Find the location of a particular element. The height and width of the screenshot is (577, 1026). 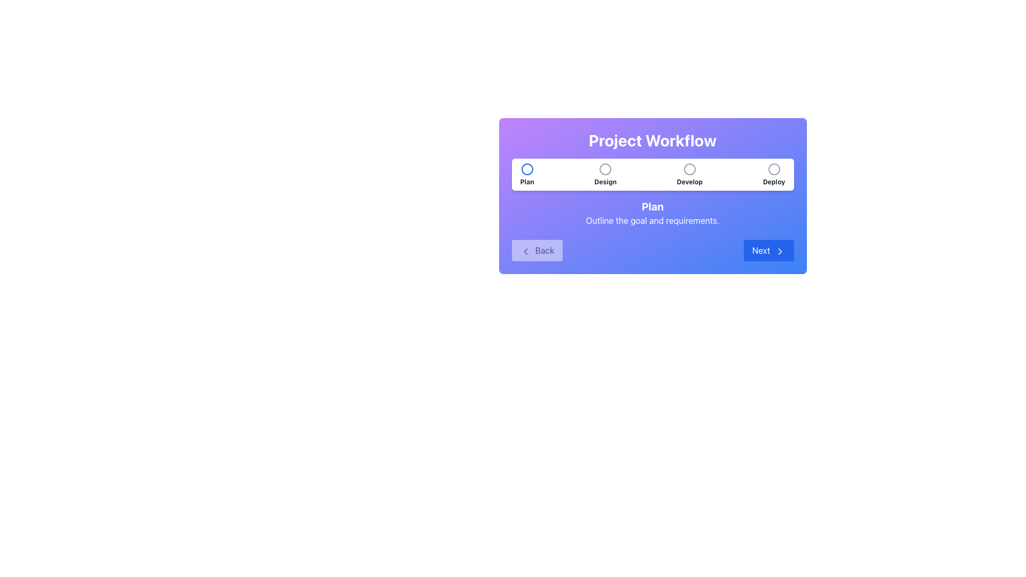

the visual indicator icon for the 'Plan' step in the project workflow to interact with it, provided it is enabled is located at coordinates (527, 168).